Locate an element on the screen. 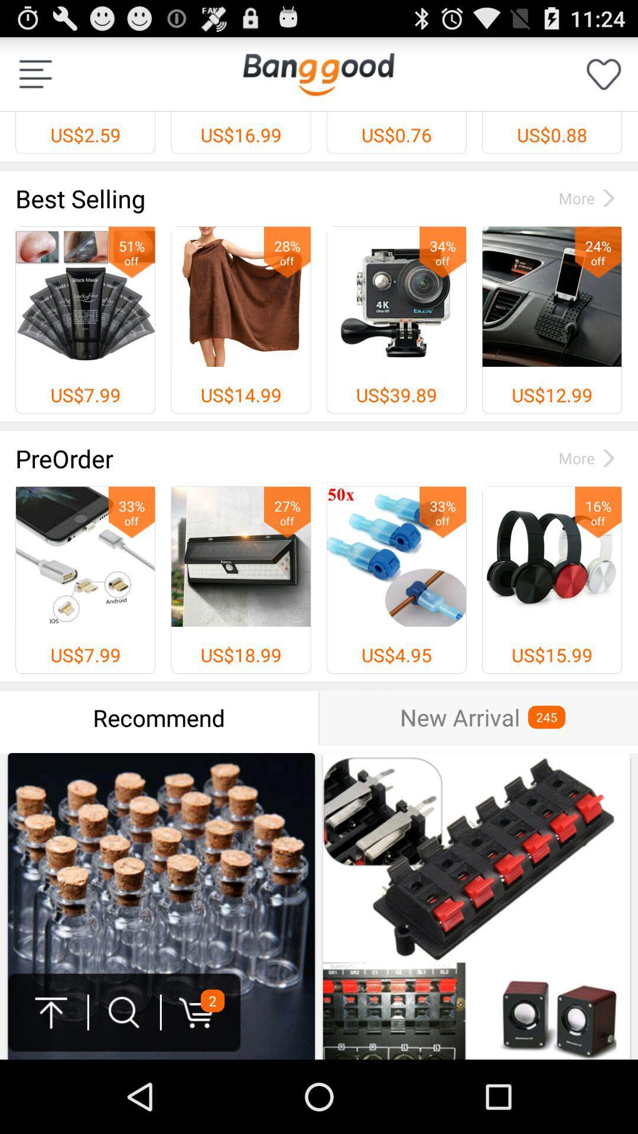 This screenshot has width=638, height=1134. the recommend item is located at coordinates (158, 717).